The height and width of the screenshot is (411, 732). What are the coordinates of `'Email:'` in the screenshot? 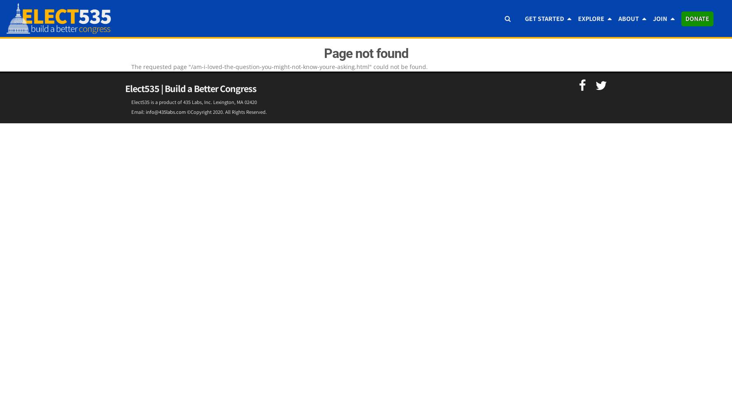 It's located at (138, 112).